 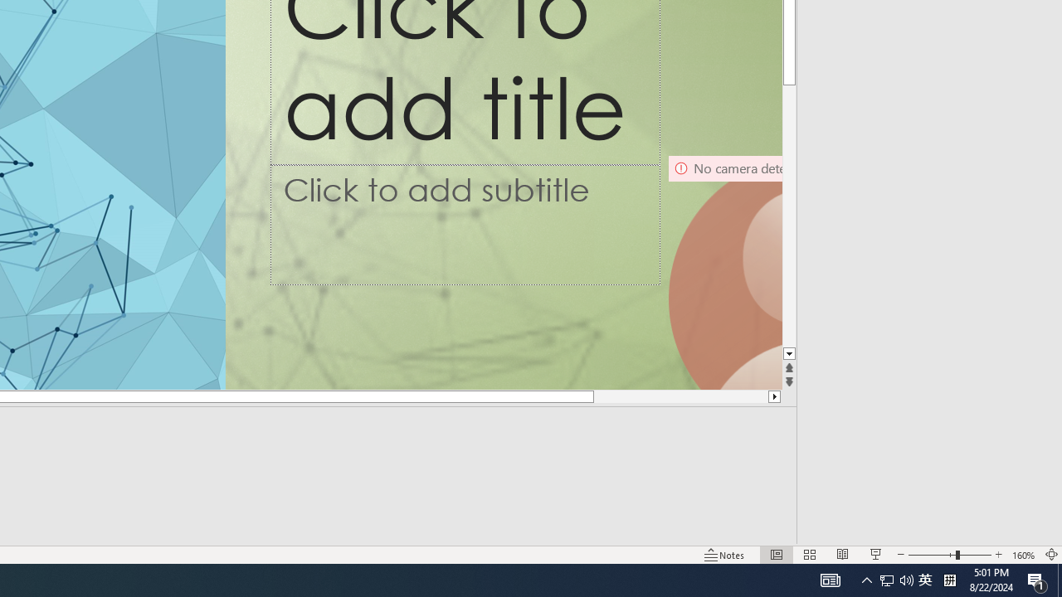 I want to click on 'Zoom 160%', so click(x=1023, y=555).